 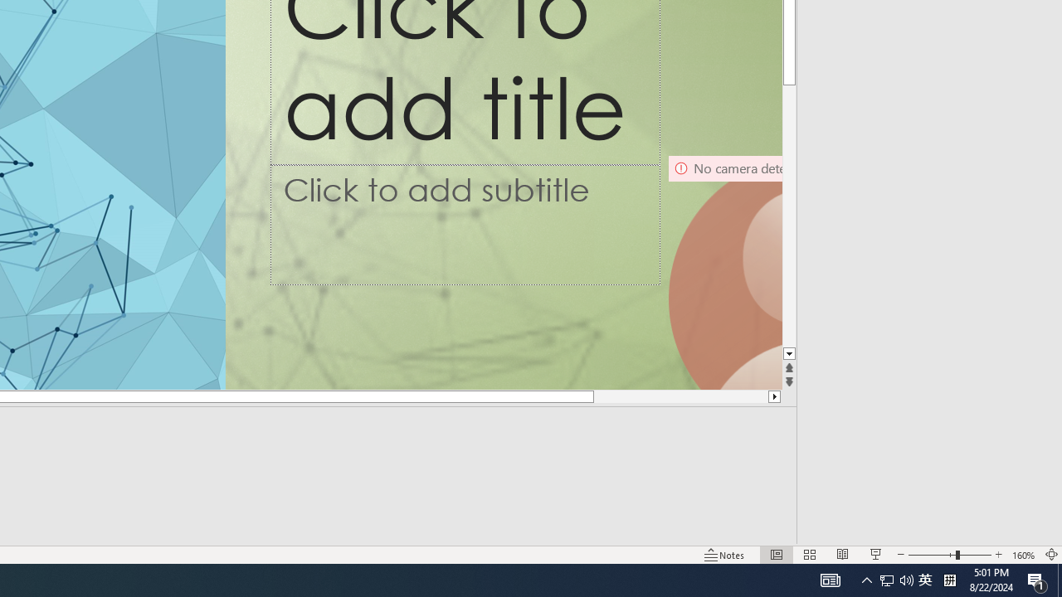 I want to click on 'Zoom 160%', so click(x=1023, y=555).